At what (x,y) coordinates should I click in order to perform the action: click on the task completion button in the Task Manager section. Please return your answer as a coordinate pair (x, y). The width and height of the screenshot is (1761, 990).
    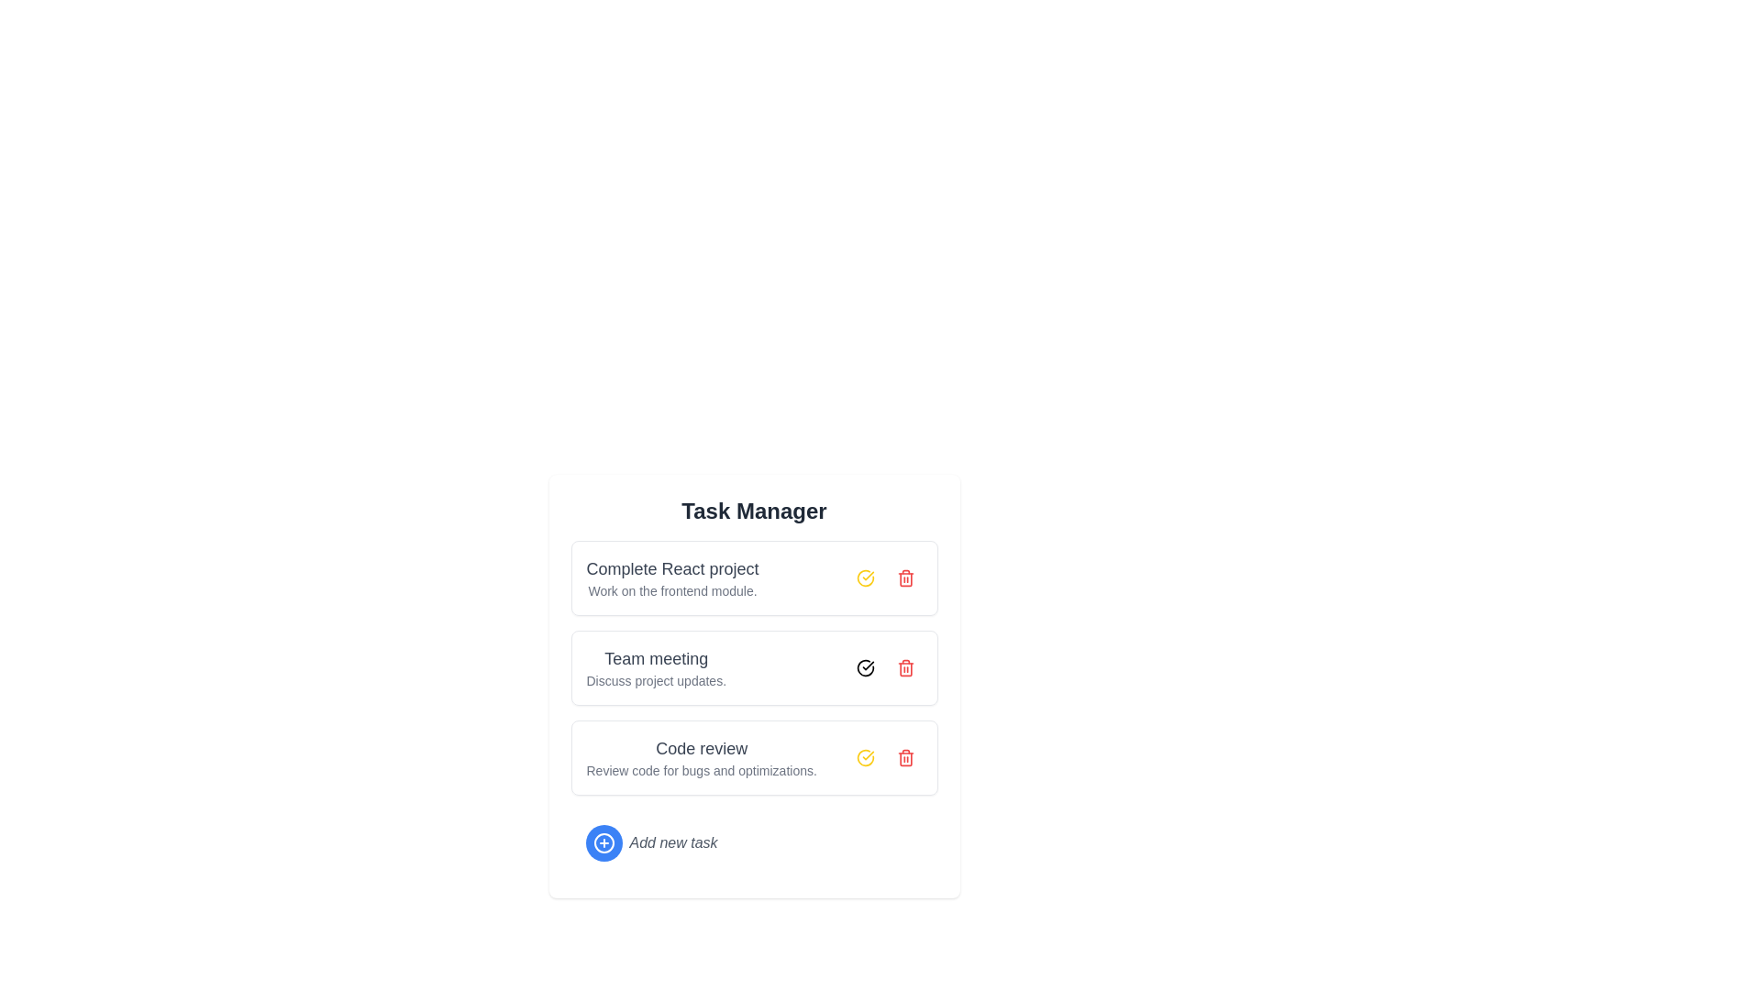
    Looking at the image, I should click on (864, 578).